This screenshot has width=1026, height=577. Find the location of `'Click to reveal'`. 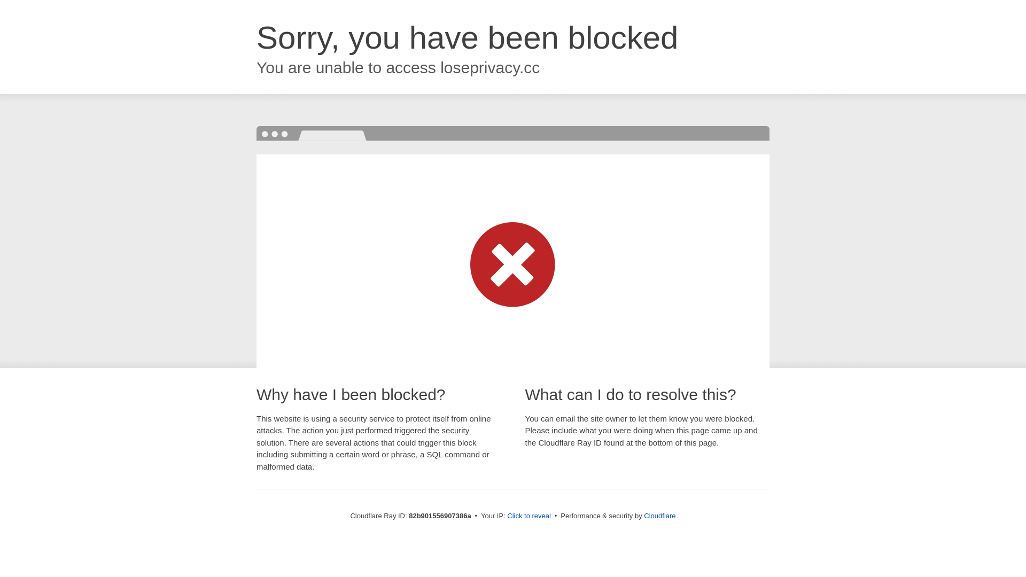

'Click to reveal' is located at coordinates (528, 515).